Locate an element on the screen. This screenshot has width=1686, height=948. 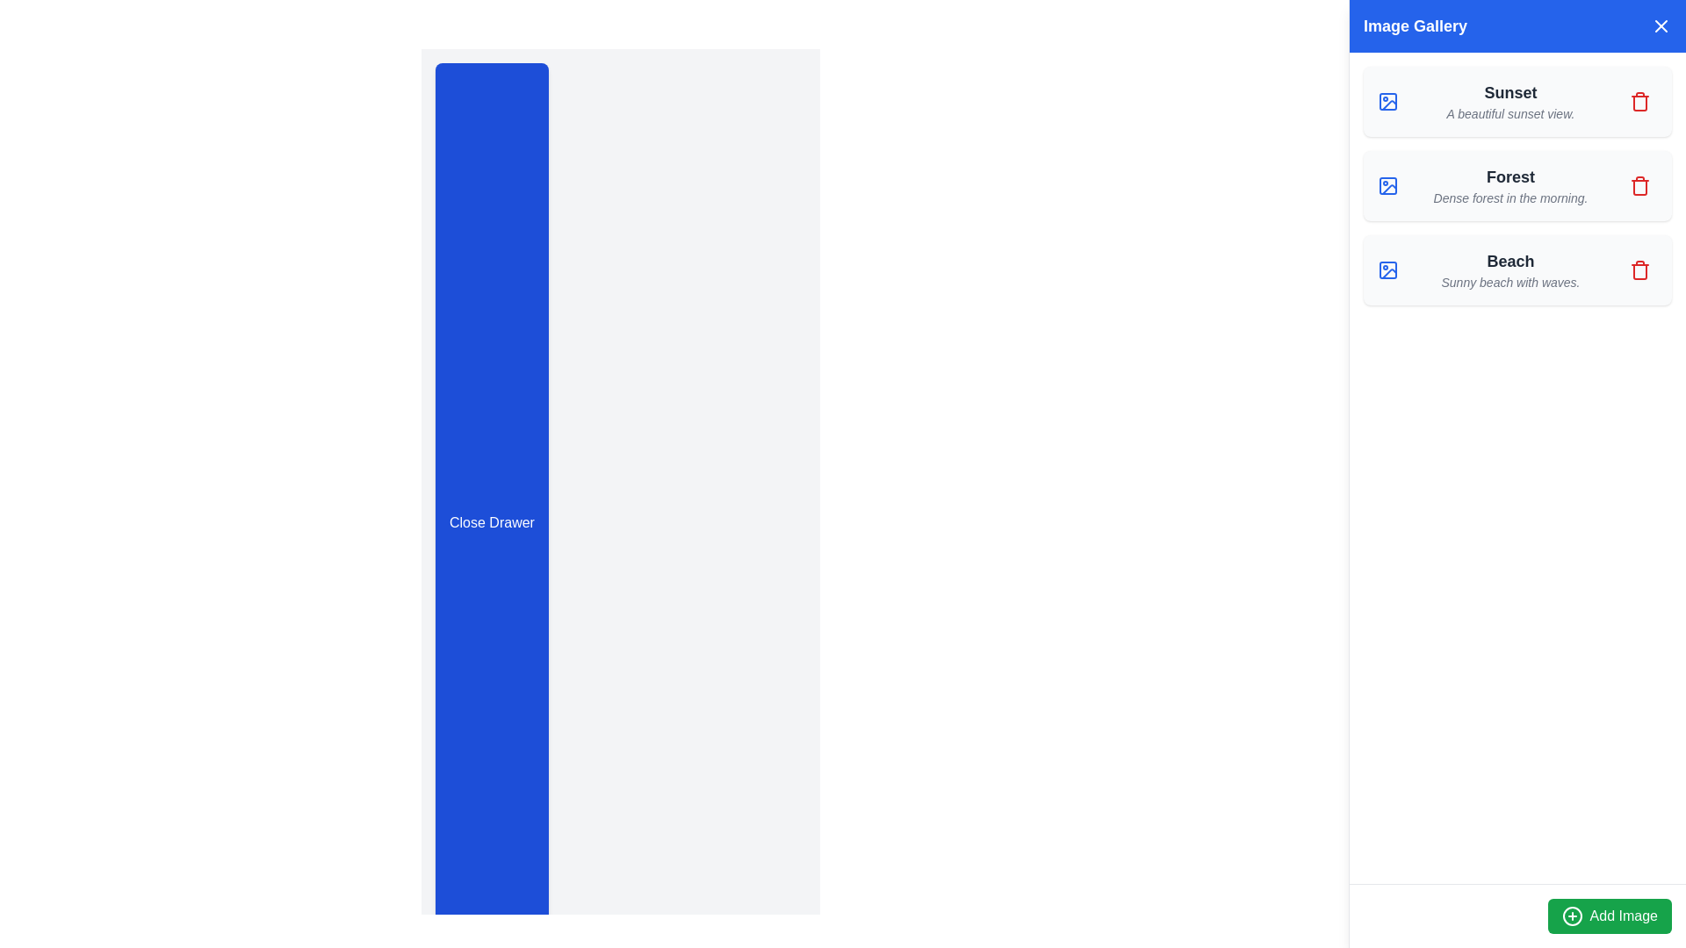
the icon subcomponent representing 'Sunset' in the topmost row of the item list for visual cues is located at coordinates (1388, 105).